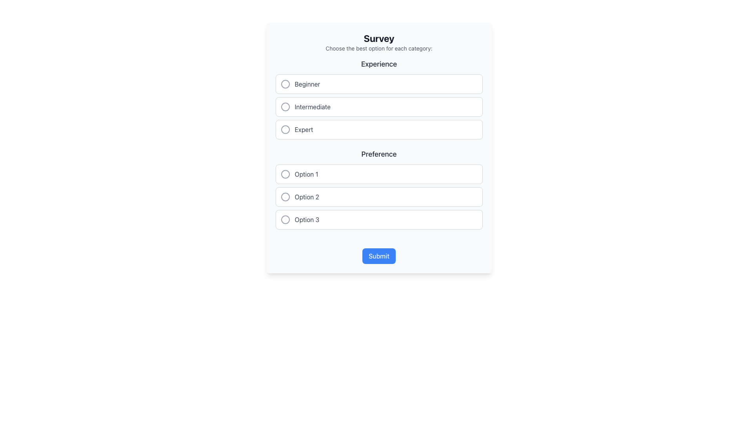  Describe the element at coordinates (285, 129) in the screenshot. I see `the 'Expert' radio button located in the 'Experience' section of the survey` at that location.